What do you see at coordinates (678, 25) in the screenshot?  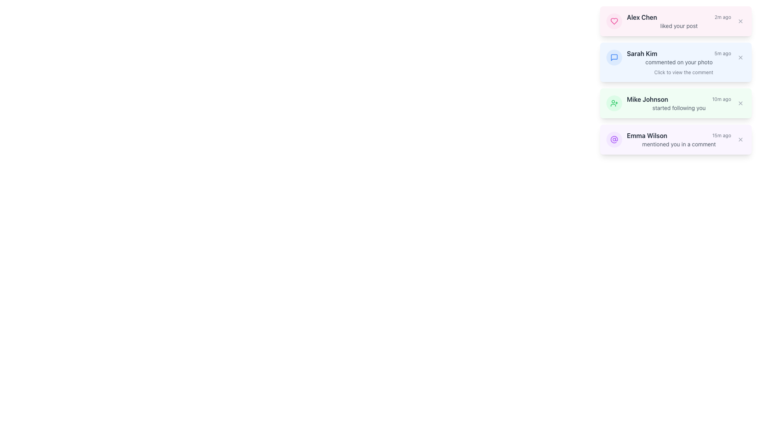 I see `text label indicating that 'Alex Chen' has liked a post, which is located in the notification card below the username and to the left of the timestamp` at bounding box center [678, 25].